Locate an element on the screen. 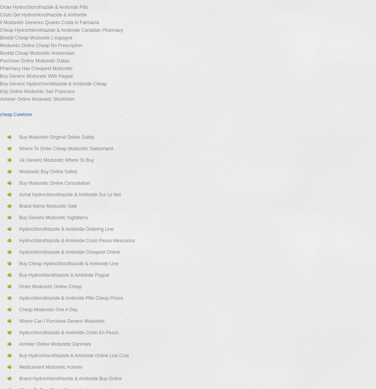 The height and width of the screenshot is (389, 376). 'Order Hydrochlorothiazide & Amiloride  Pills' is located at coordinates (44, 7).